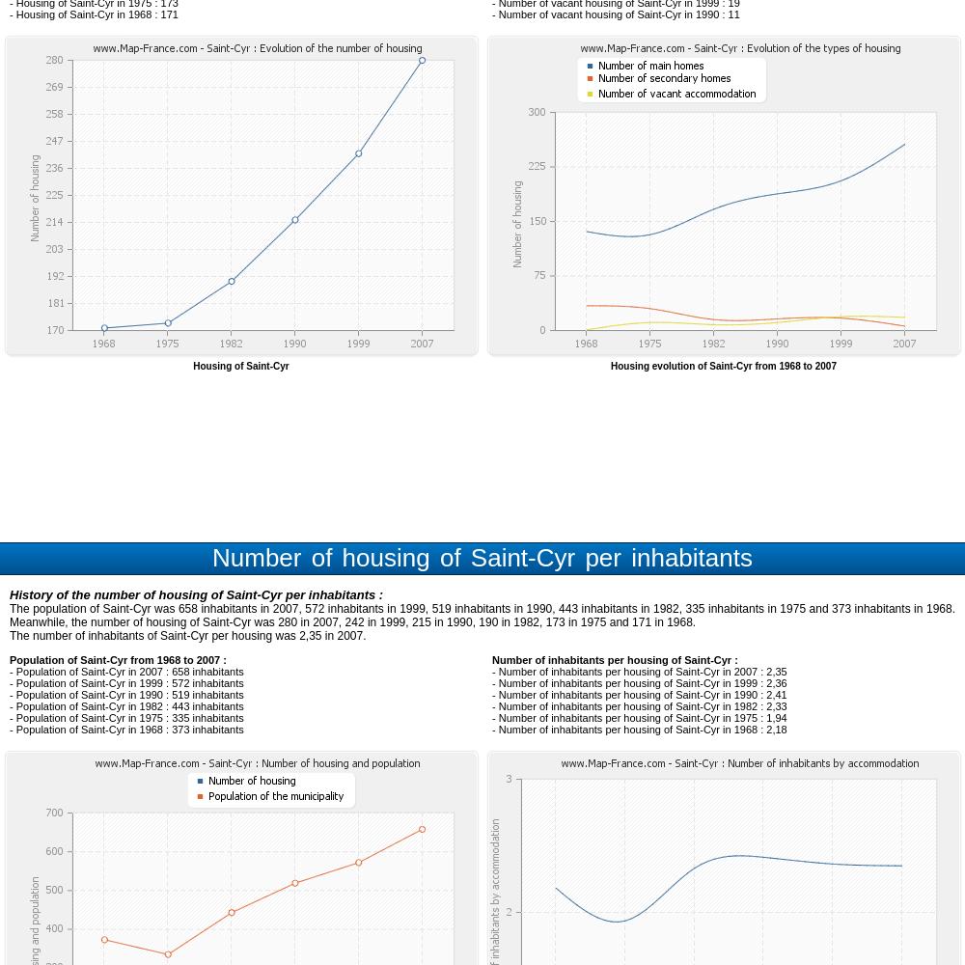 This screenshot has width=965, height=965. I want to click on 'The population of Saint-Cyr was 658 inhabitants in 2007, 572 inhabitants in 1999, 519 inhabitants in 1990, 443 inhabitants in 1982, 335 inhabitants in 1975 and 373 inhabitants in 1968. Meanwhile, the number of housing of Saint-Cyr was 280 in 2007, 242 in 1999, 215 in 1990, 190 in 1982, 173 in 1975 and 171 in 1968.', so click(482, 616).